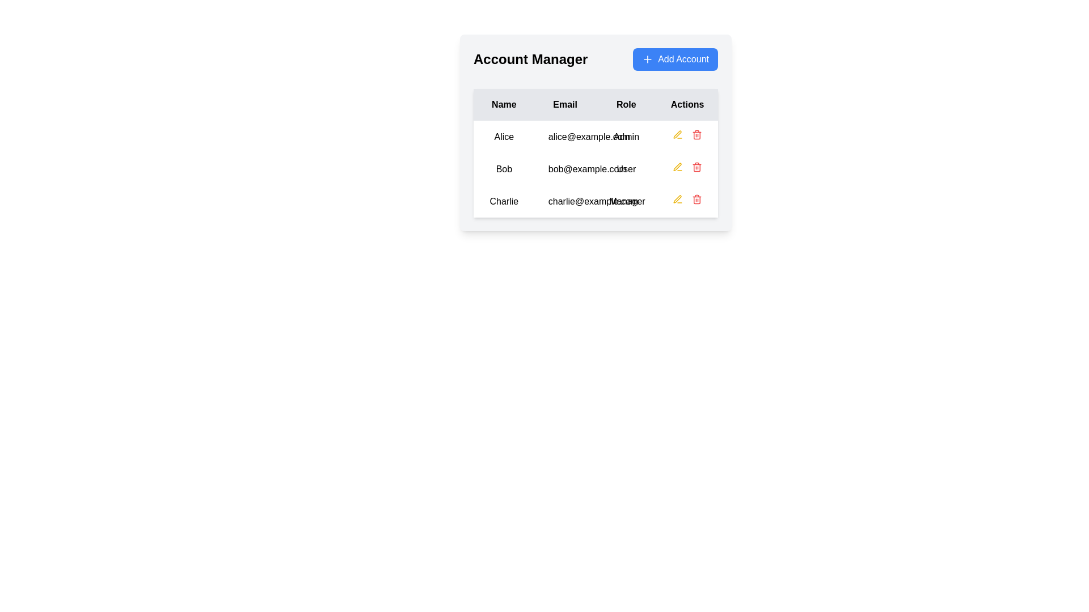  What do you see at coordinates (697, 168) in the screenshot?
I see `the trash icon representing the delete action for the user 'Bob' in the Actions column of the user list` at bounding box center [697, 168].